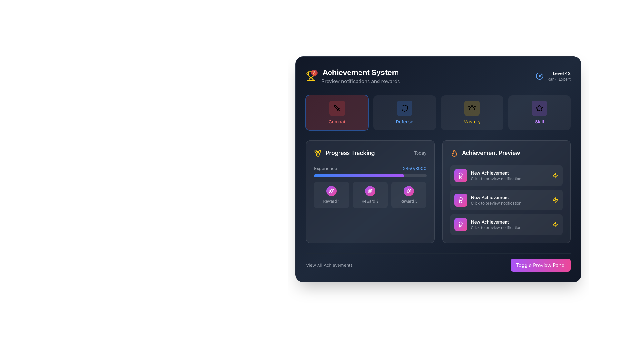  What do you see at coordinates (359, 175) in the screenshot?
I see `the progress` at bounding box center [359, 175].